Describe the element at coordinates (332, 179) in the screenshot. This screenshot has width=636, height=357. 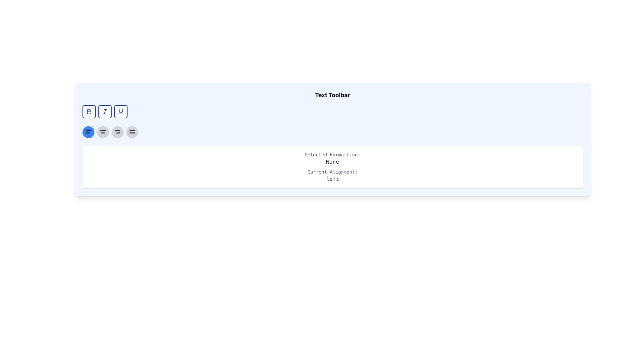
I see `the Text Label displaying 'left', which is aligned below the 'Current Alignment:' label in dark gray color, indicating the current alignment setting` at that location.